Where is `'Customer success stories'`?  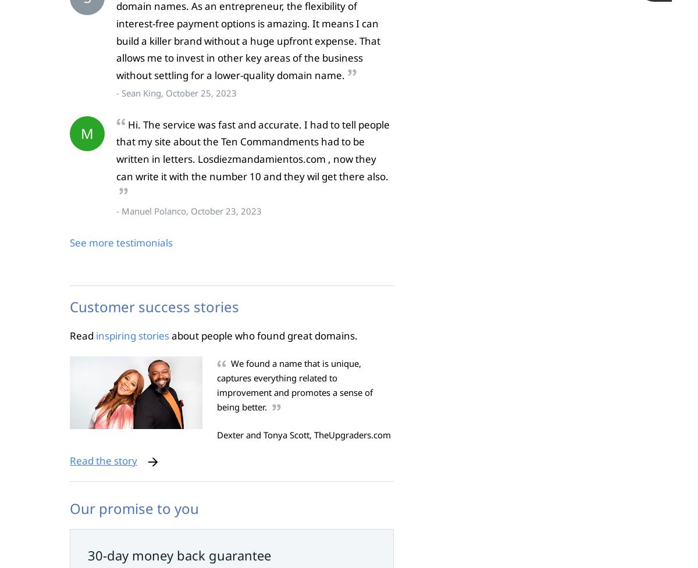 'Customer success stories' is located at coordinates (70, 306).